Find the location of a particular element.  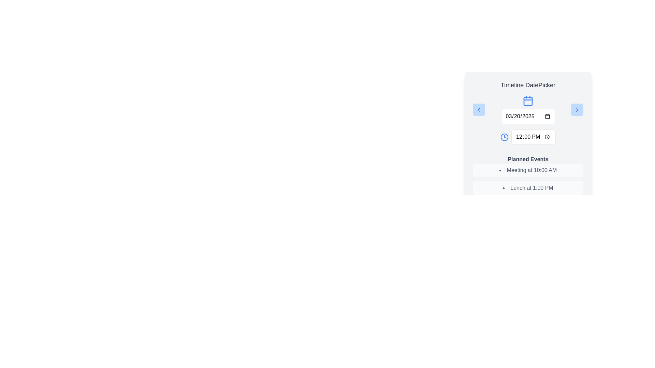

the leftmost button in the date picker interface that allows users to navigate to the previous date or period is located at coordinates (478, 109).